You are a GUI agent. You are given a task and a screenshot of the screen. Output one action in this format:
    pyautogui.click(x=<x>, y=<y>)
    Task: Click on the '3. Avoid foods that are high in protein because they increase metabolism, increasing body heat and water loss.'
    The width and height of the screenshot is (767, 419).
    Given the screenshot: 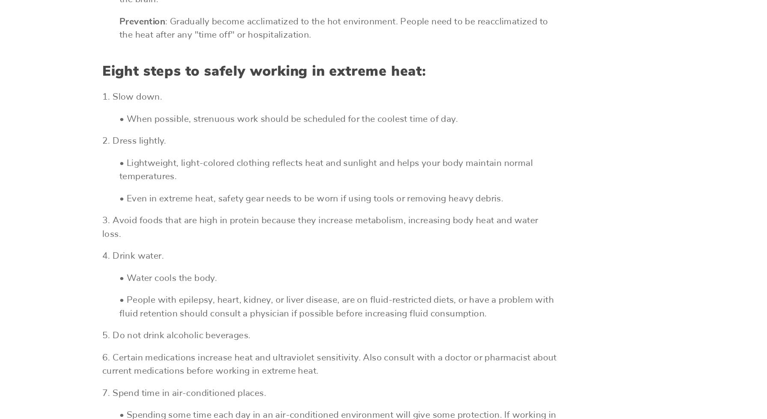 What is the action you would take?
    pyautogui.click(x=320, y=227)
    